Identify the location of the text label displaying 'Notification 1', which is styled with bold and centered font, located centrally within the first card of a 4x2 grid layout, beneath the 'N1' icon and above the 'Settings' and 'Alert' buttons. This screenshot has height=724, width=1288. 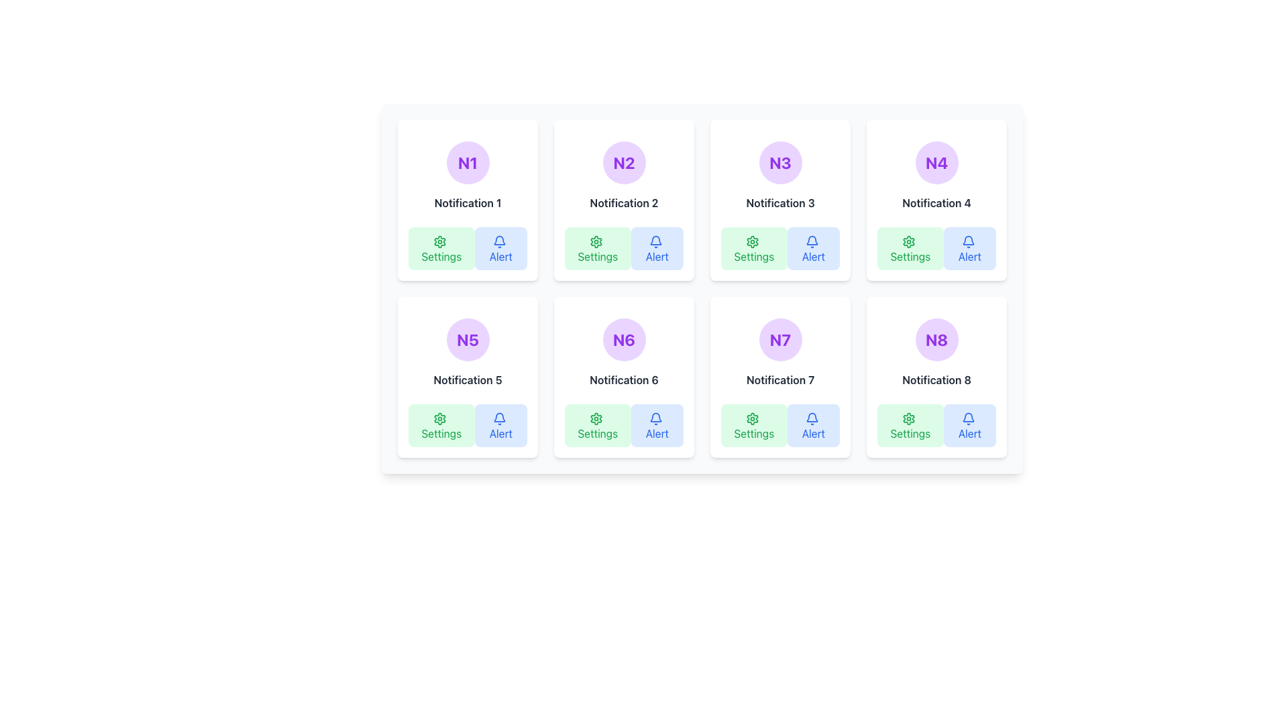
(468, 203).